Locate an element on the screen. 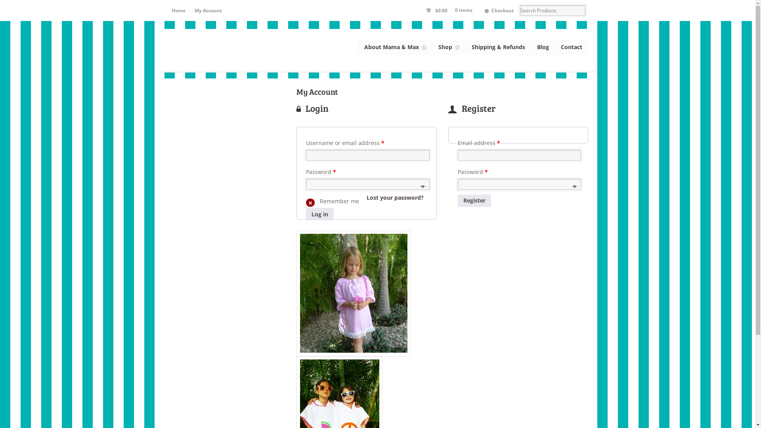 This screenshot has width=761, height=428. '$0.000 items' is located at coordinates (421, 10).